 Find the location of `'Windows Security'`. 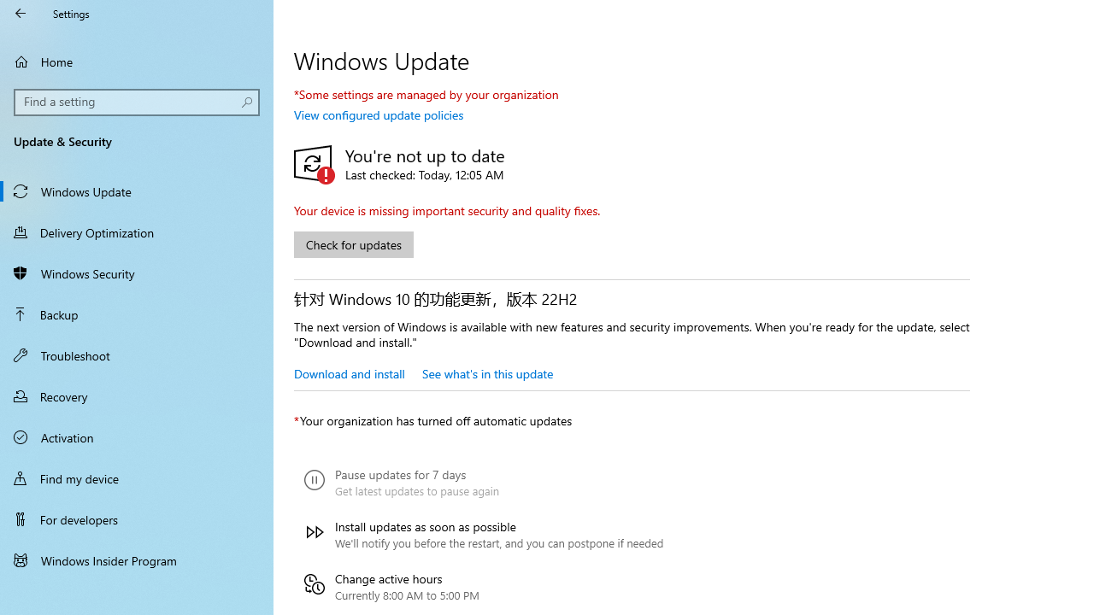

'Windows Security' is located at coordinates (137, 272).